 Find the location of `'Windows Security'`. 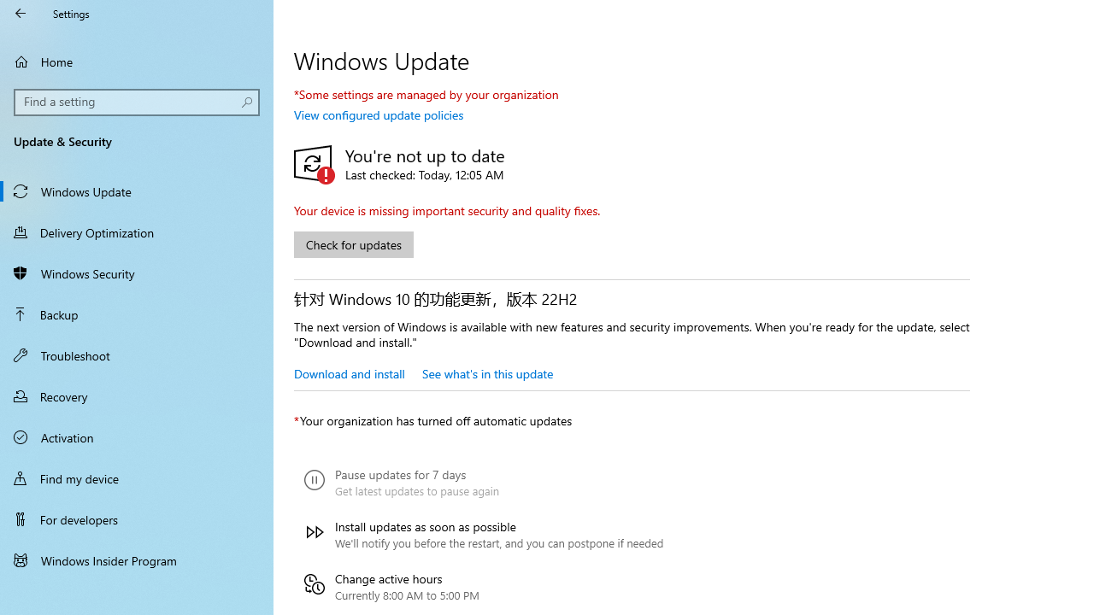

'Windows Security' is located at coordinates (137, 272).